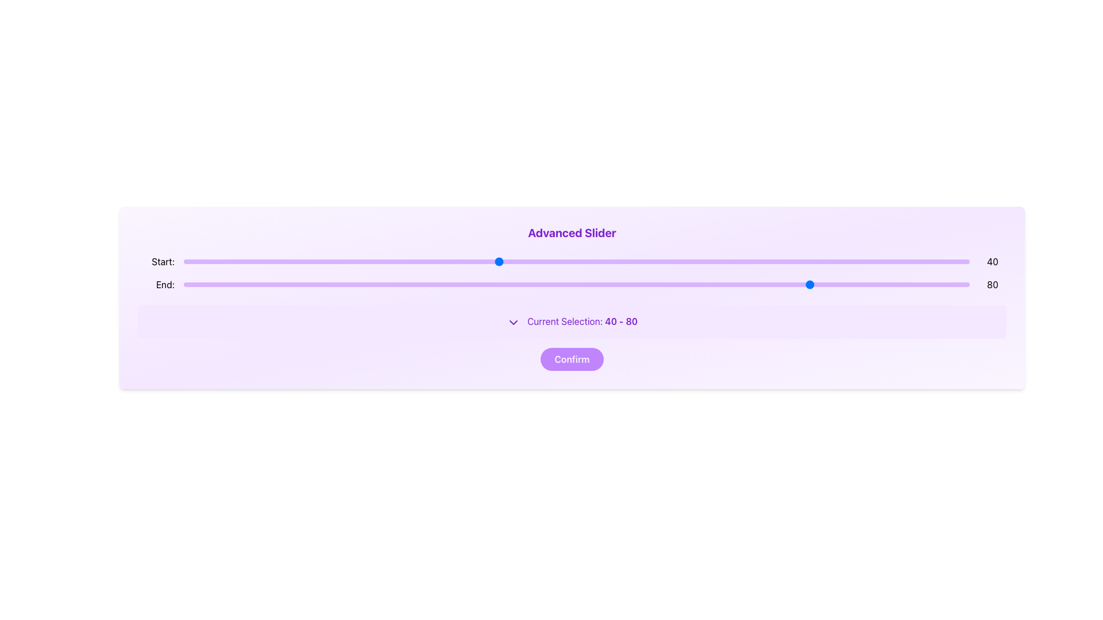 The image size is (1103, 620). I want to click on the start slider, so click(750, 261).